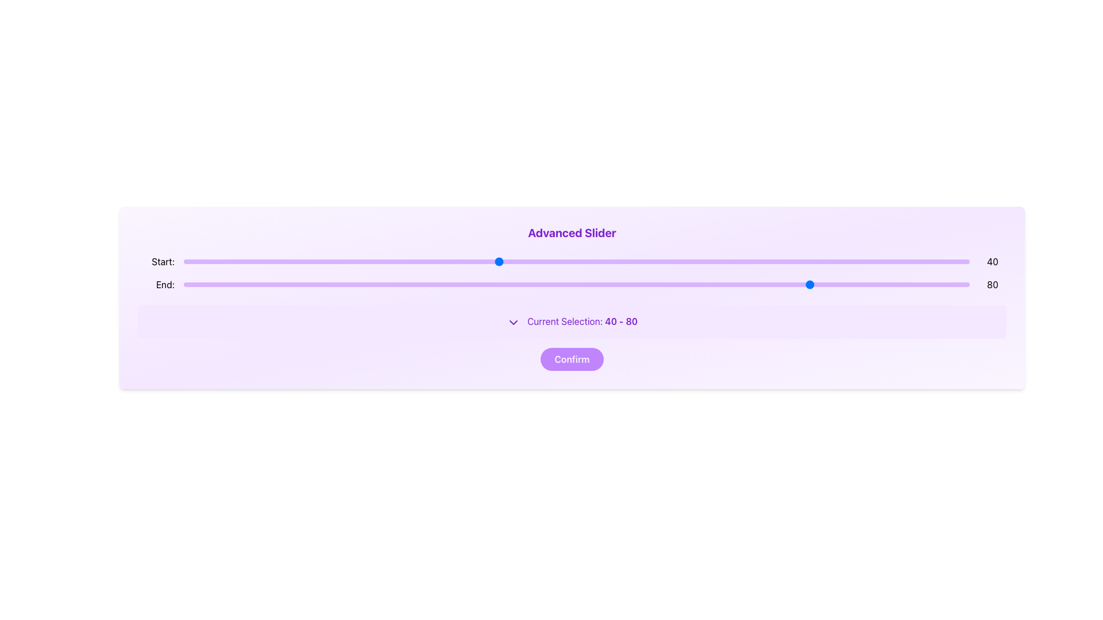 The image size is (1103, 620). I want to click on the start slider, so click(750, 261).